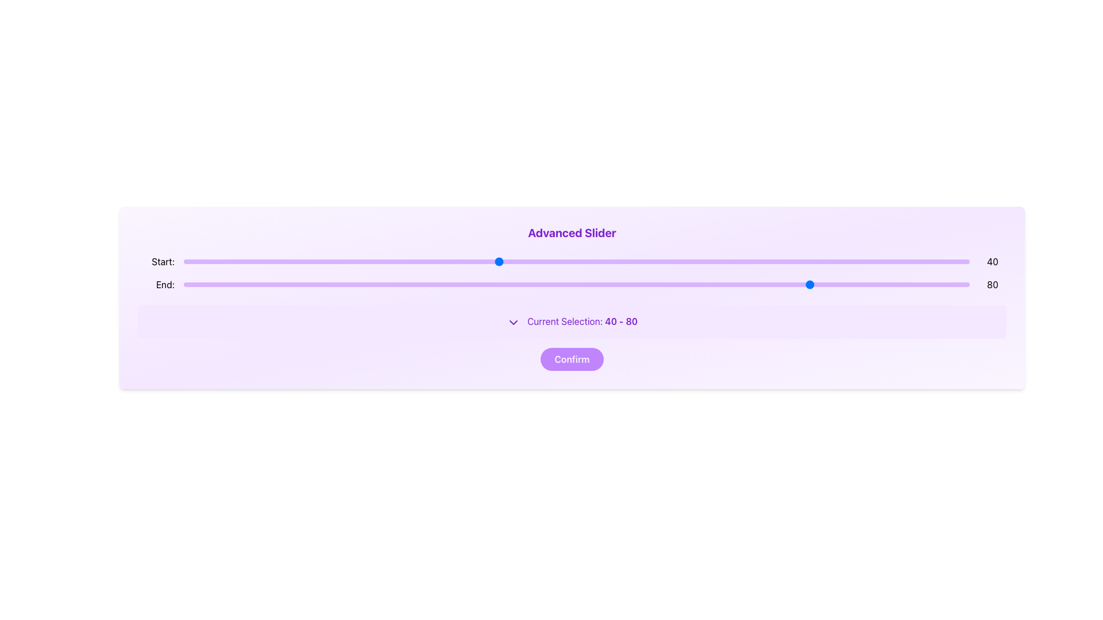 The image size is (1103, 620). I want to click on the start slider, so click(750, 261).